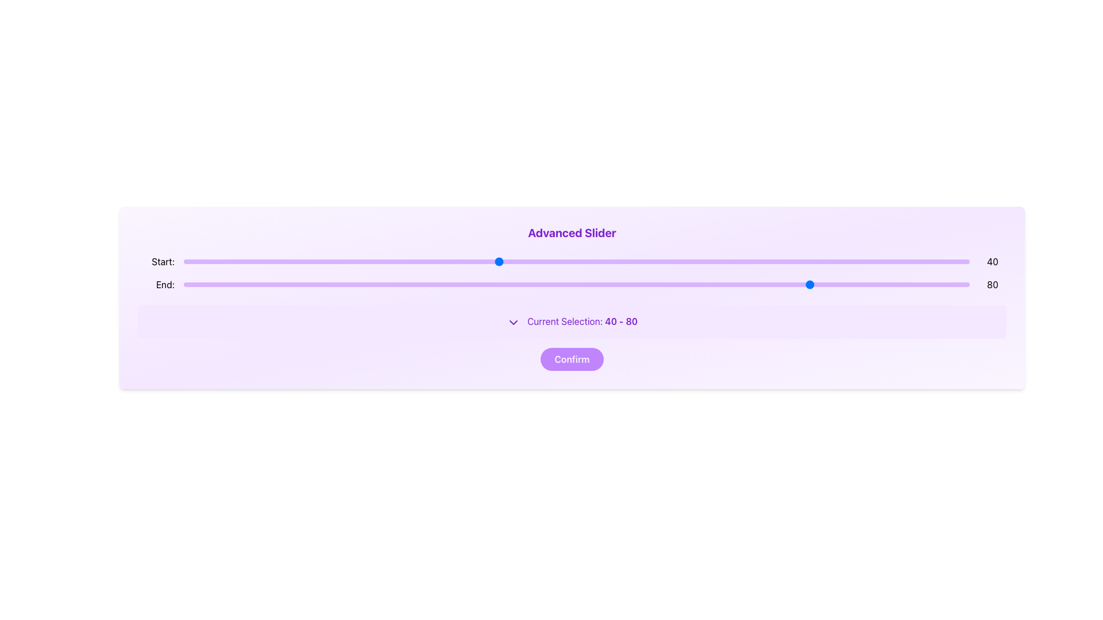 The image size is (1103, 620). I want to click on the start slider, so click(750, 261).